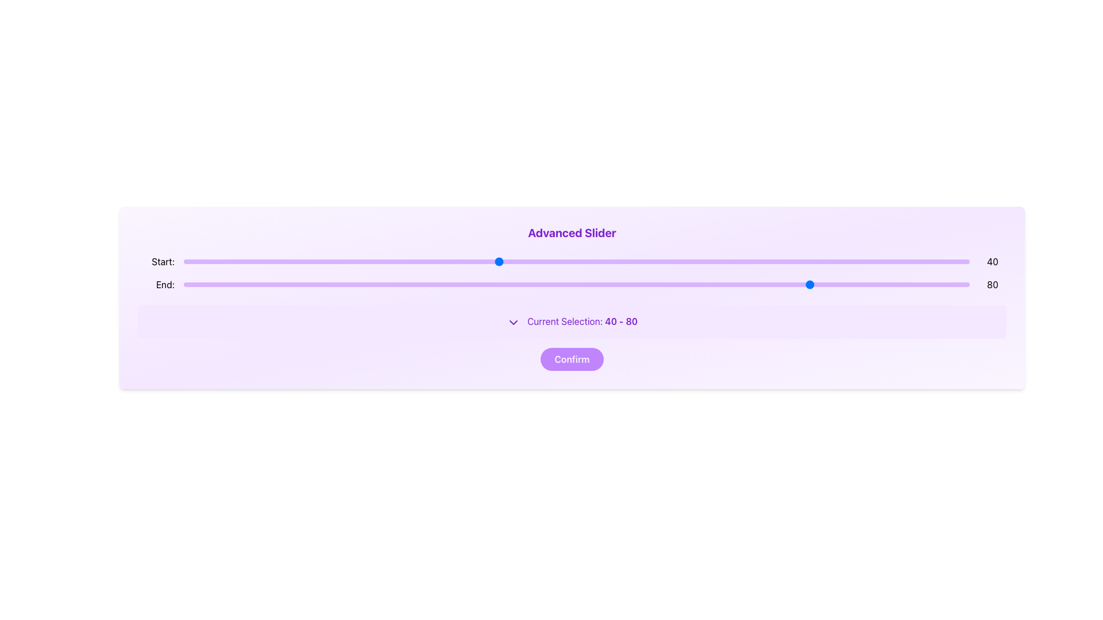 The image size is (1103, 620). I want to click on the start slider, so click(750, 261).